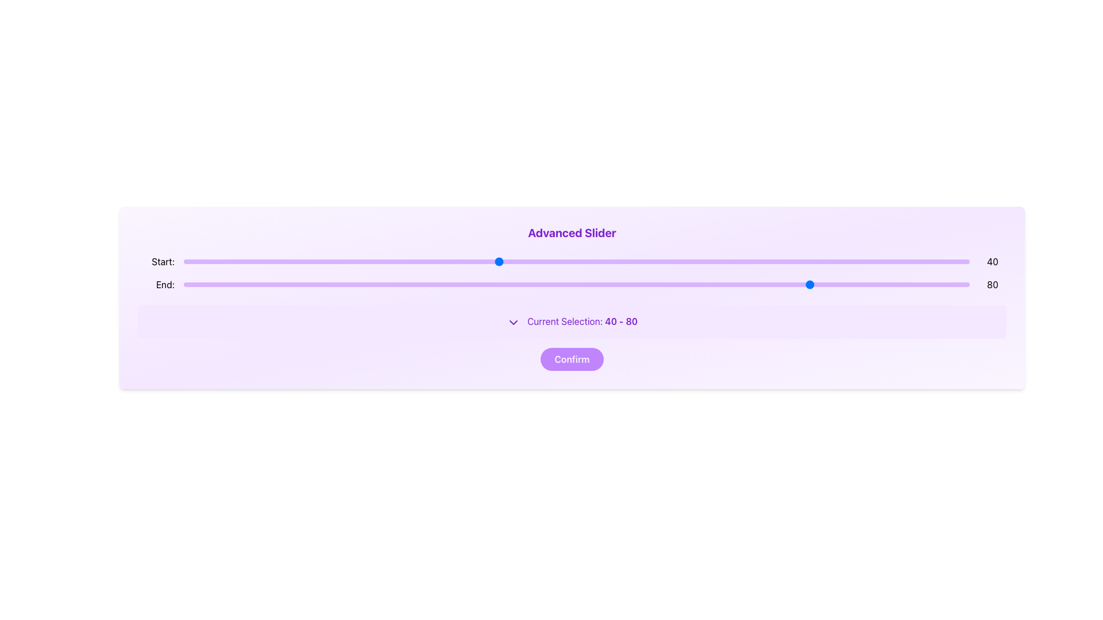 The image size is (1103, 620). I want to click on the start slider, so click(750, 261).